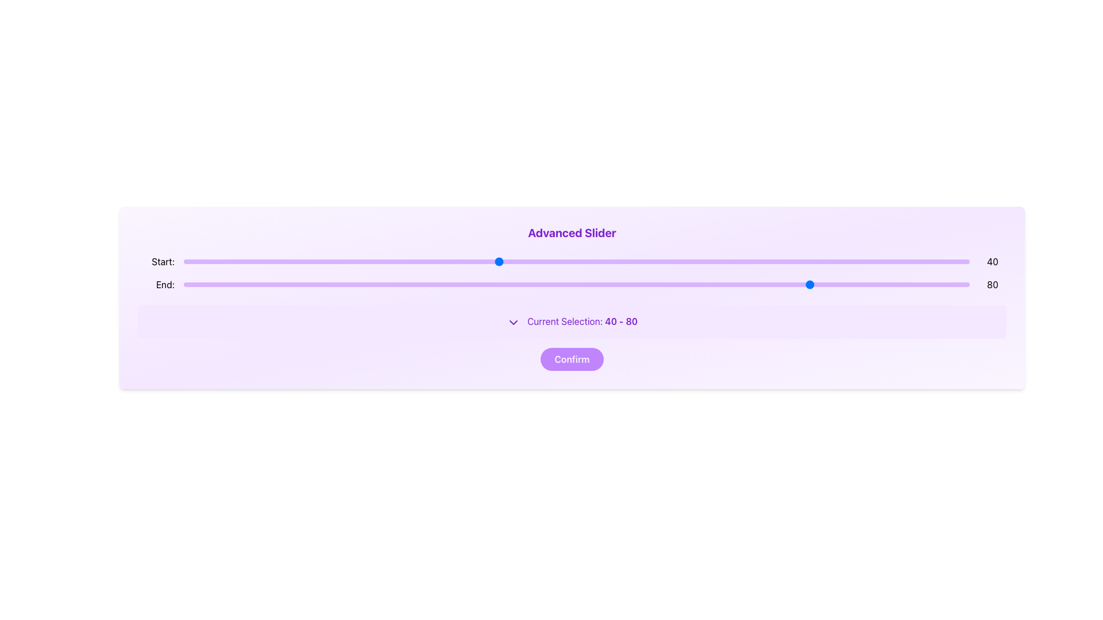 The image size is (1103, 620). I want to click on the start slider, so click(750, 261).